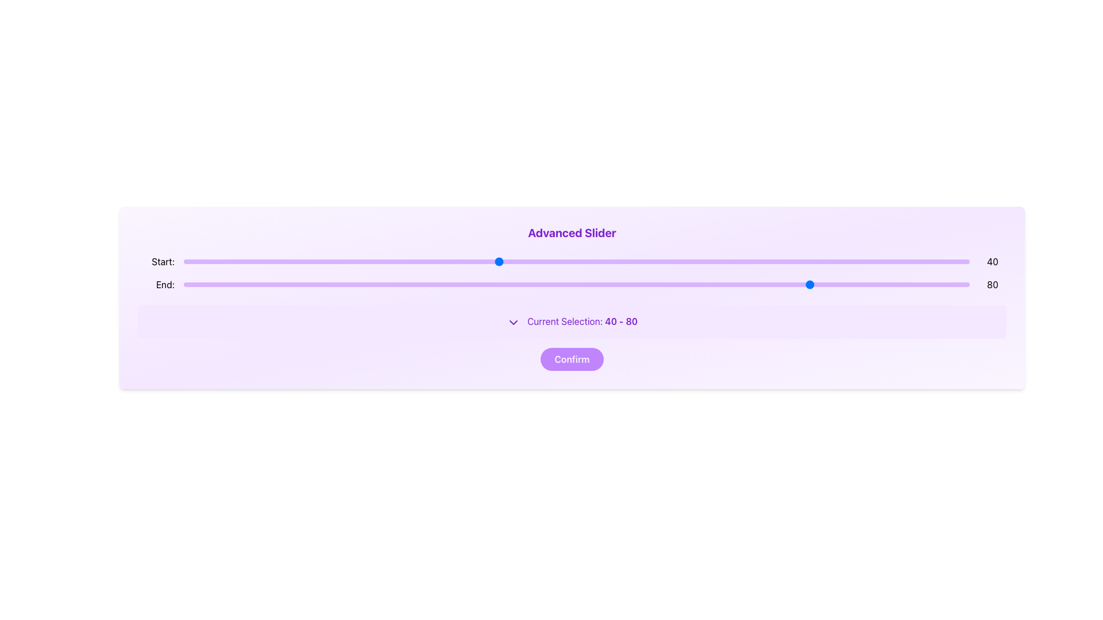 The image size is (1103, 620). I want to click on the start slider, so click(750, 261).